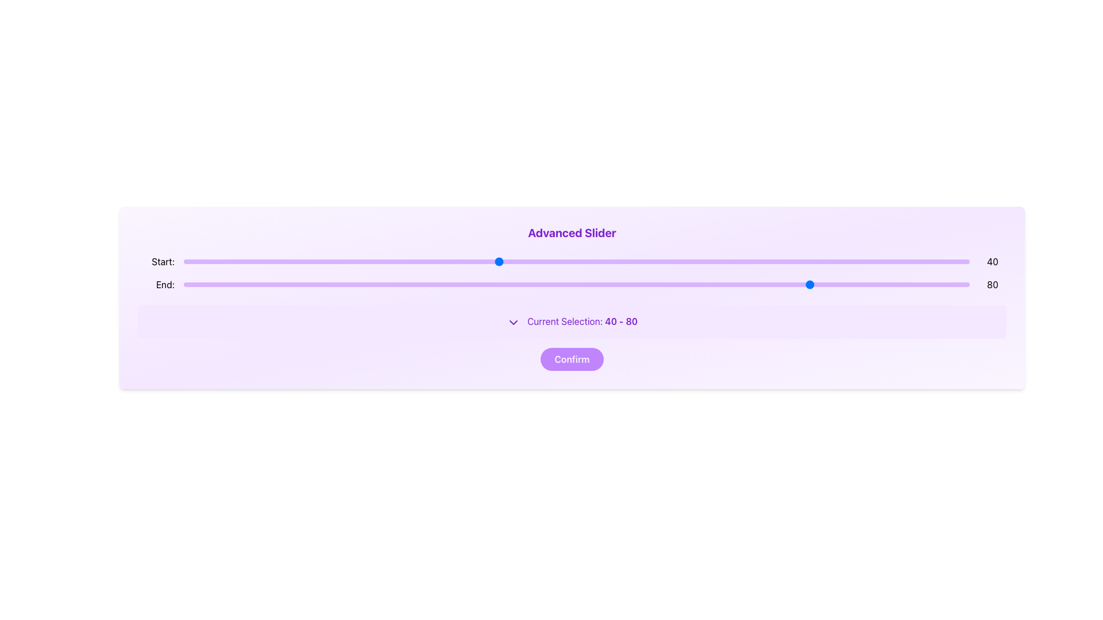 The image size is (1103, 620). I want to click on the start slider, so click(750, 261).